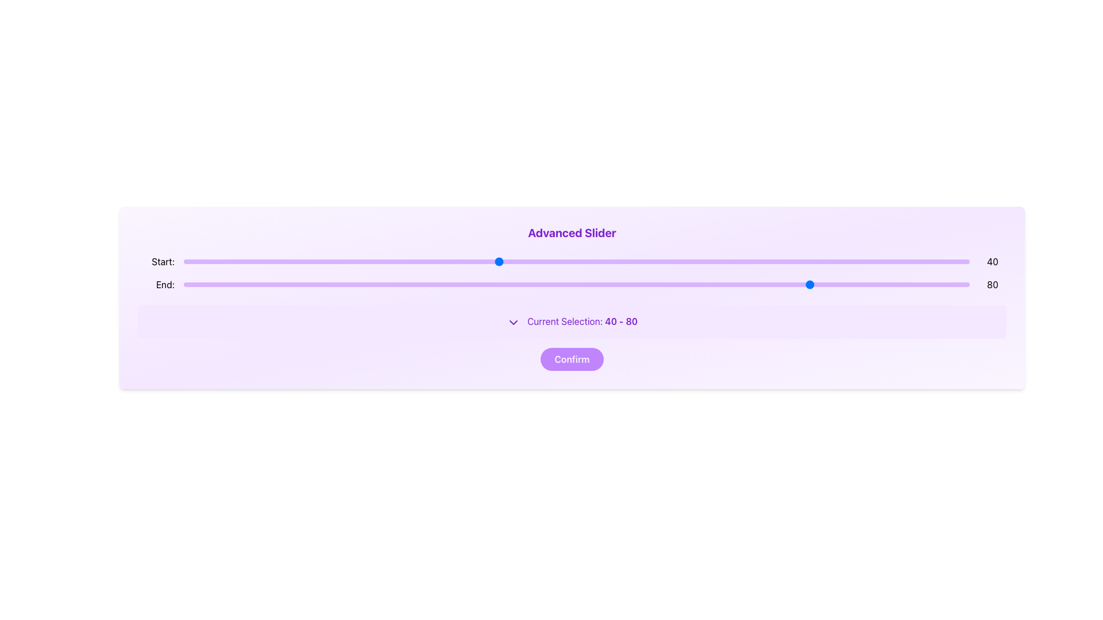 The image size is (1103, 620). I want to click on the start slider, so click(750, 261).